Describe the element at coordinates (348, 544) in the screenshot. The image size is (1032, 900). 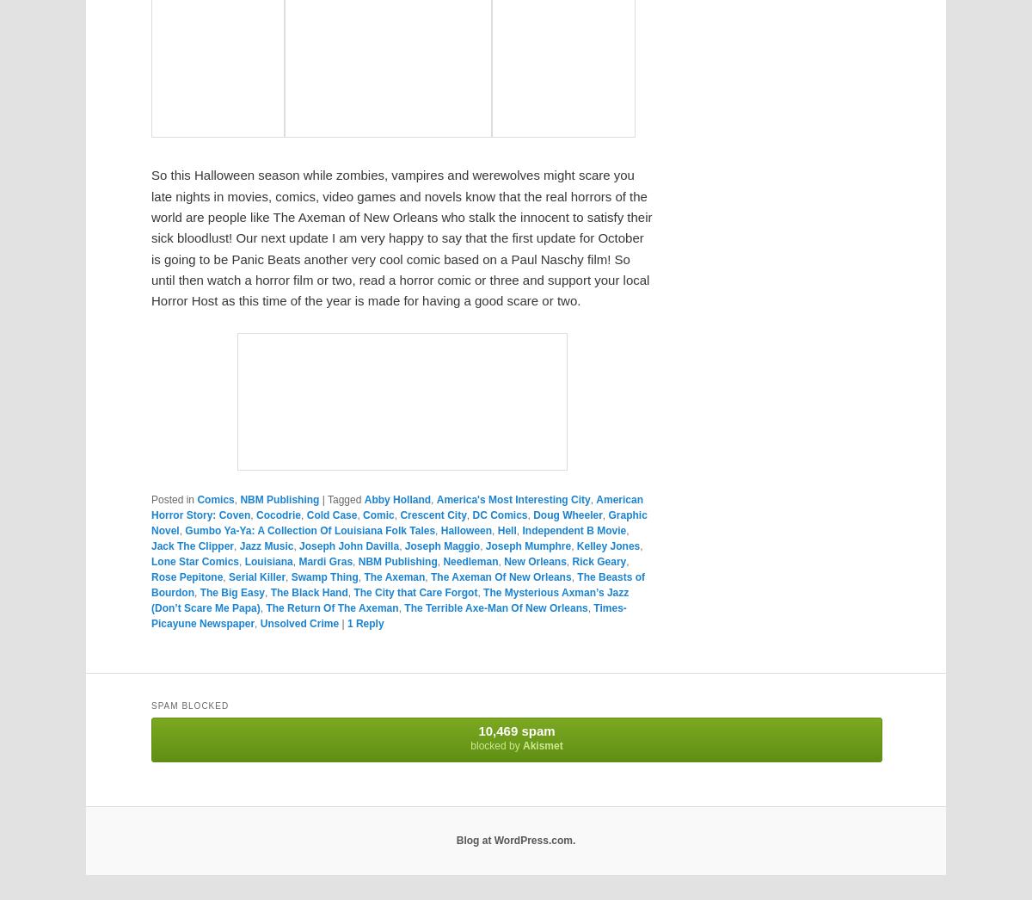
I see `'Joseph John Davilla'` at that location.